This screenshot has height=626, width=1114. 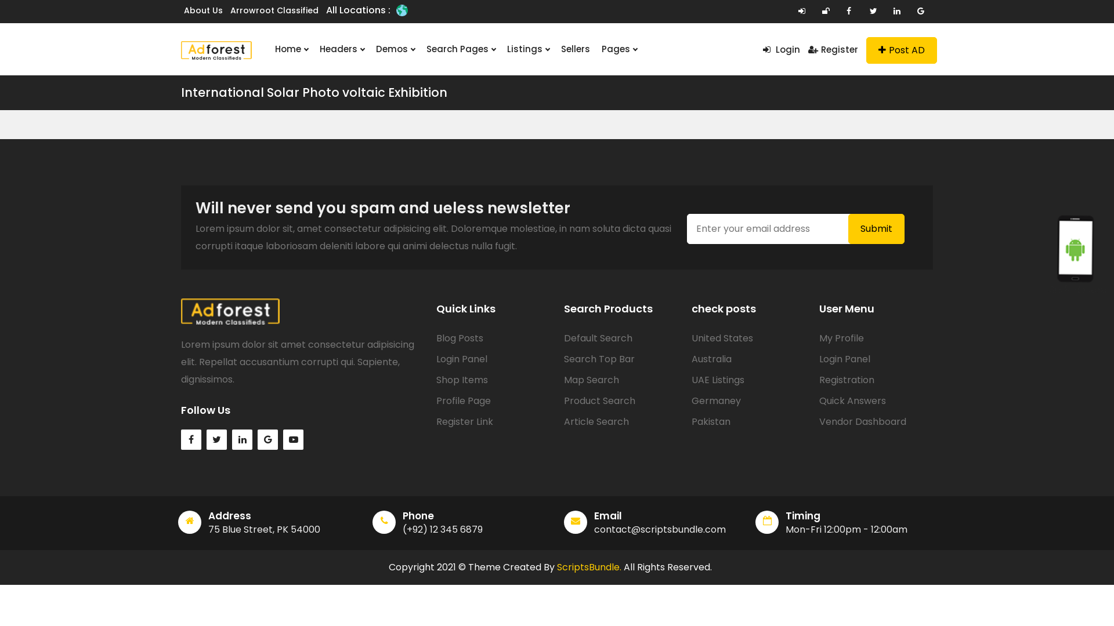 What do you see at coordinates (314, 92) in the screenshot?
I see `'International Solar Photo voltaic Exhibition'` at bounding box center [314, 92].